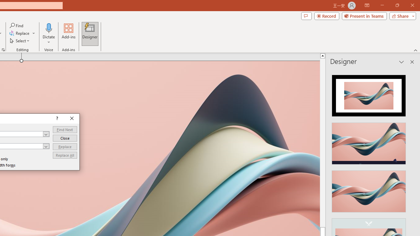 The width and height of the screenshot is (420, 236). I want to click on 'Find Next', so click(65, 129).